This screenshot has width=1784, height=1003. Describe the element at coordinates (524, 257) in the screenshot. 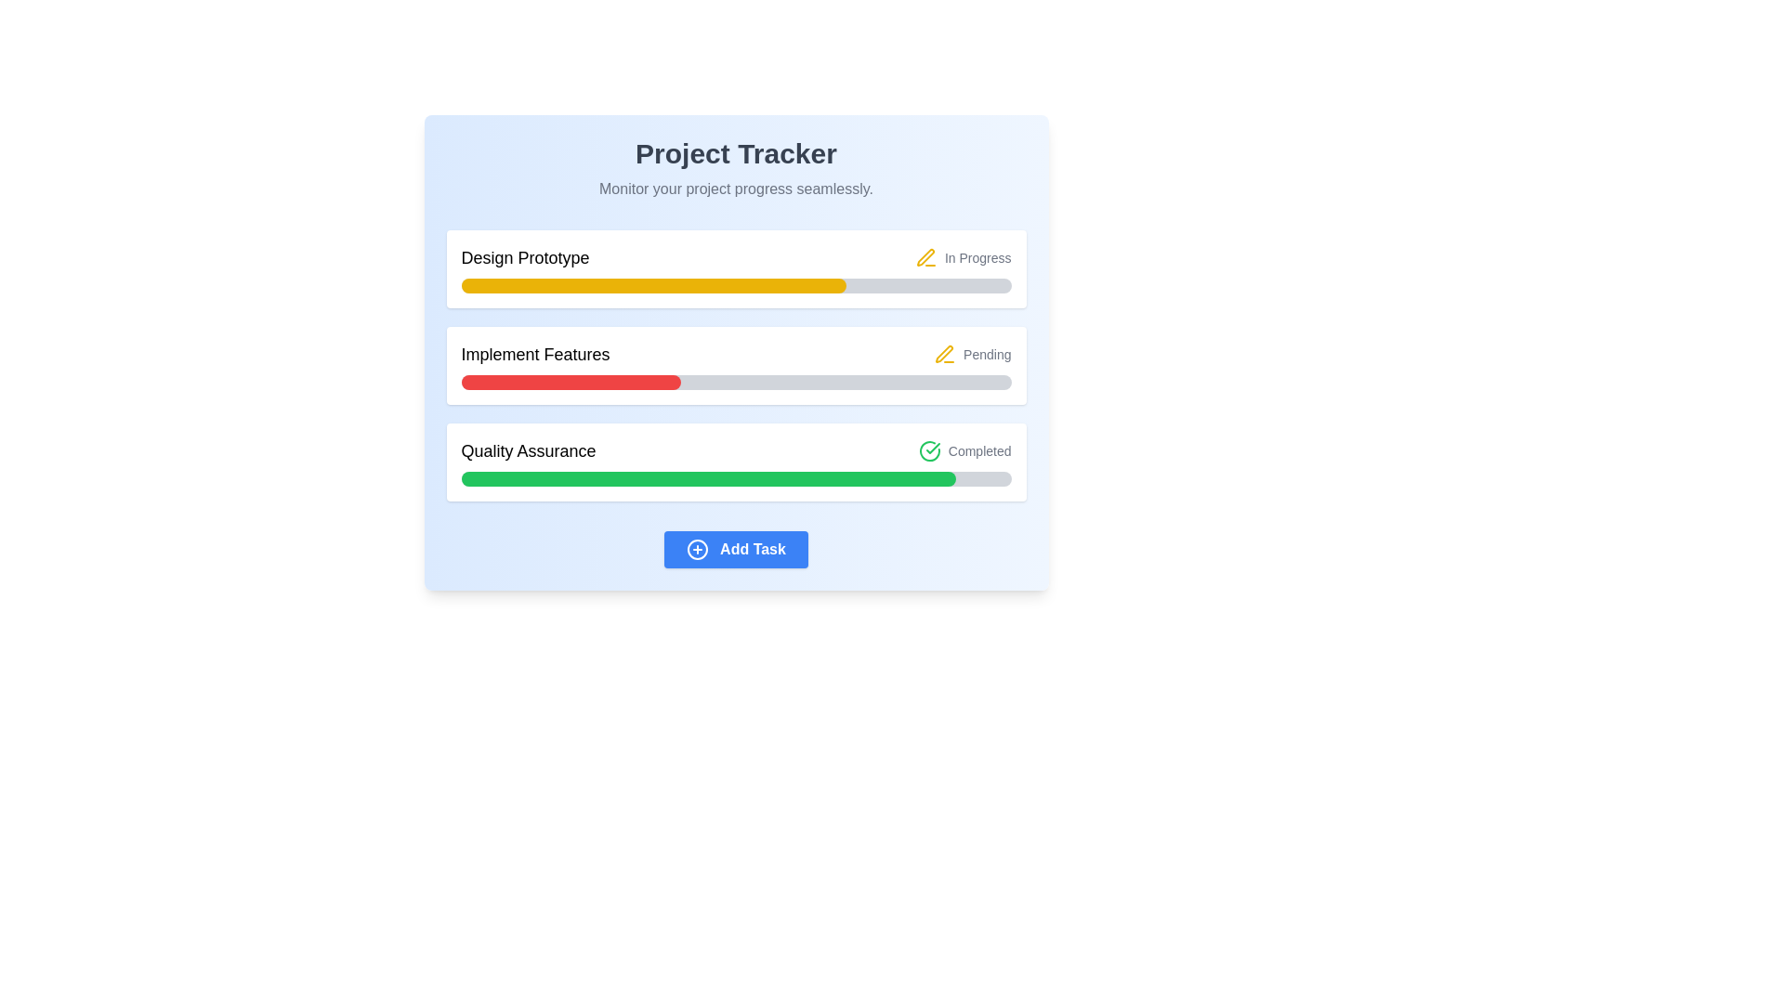

I see `the static text label reading 'Design Prototype', which is a bold, dark-colored label located at the top left of a card-like section above a horizontal yellow progress bar` at that location.